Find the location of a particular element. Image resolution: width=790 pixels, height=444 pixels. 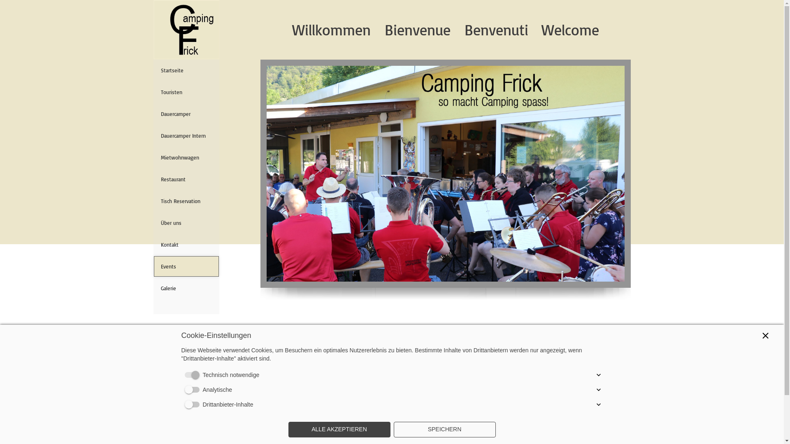

'Touristen' is located at coordinates (185, 92).